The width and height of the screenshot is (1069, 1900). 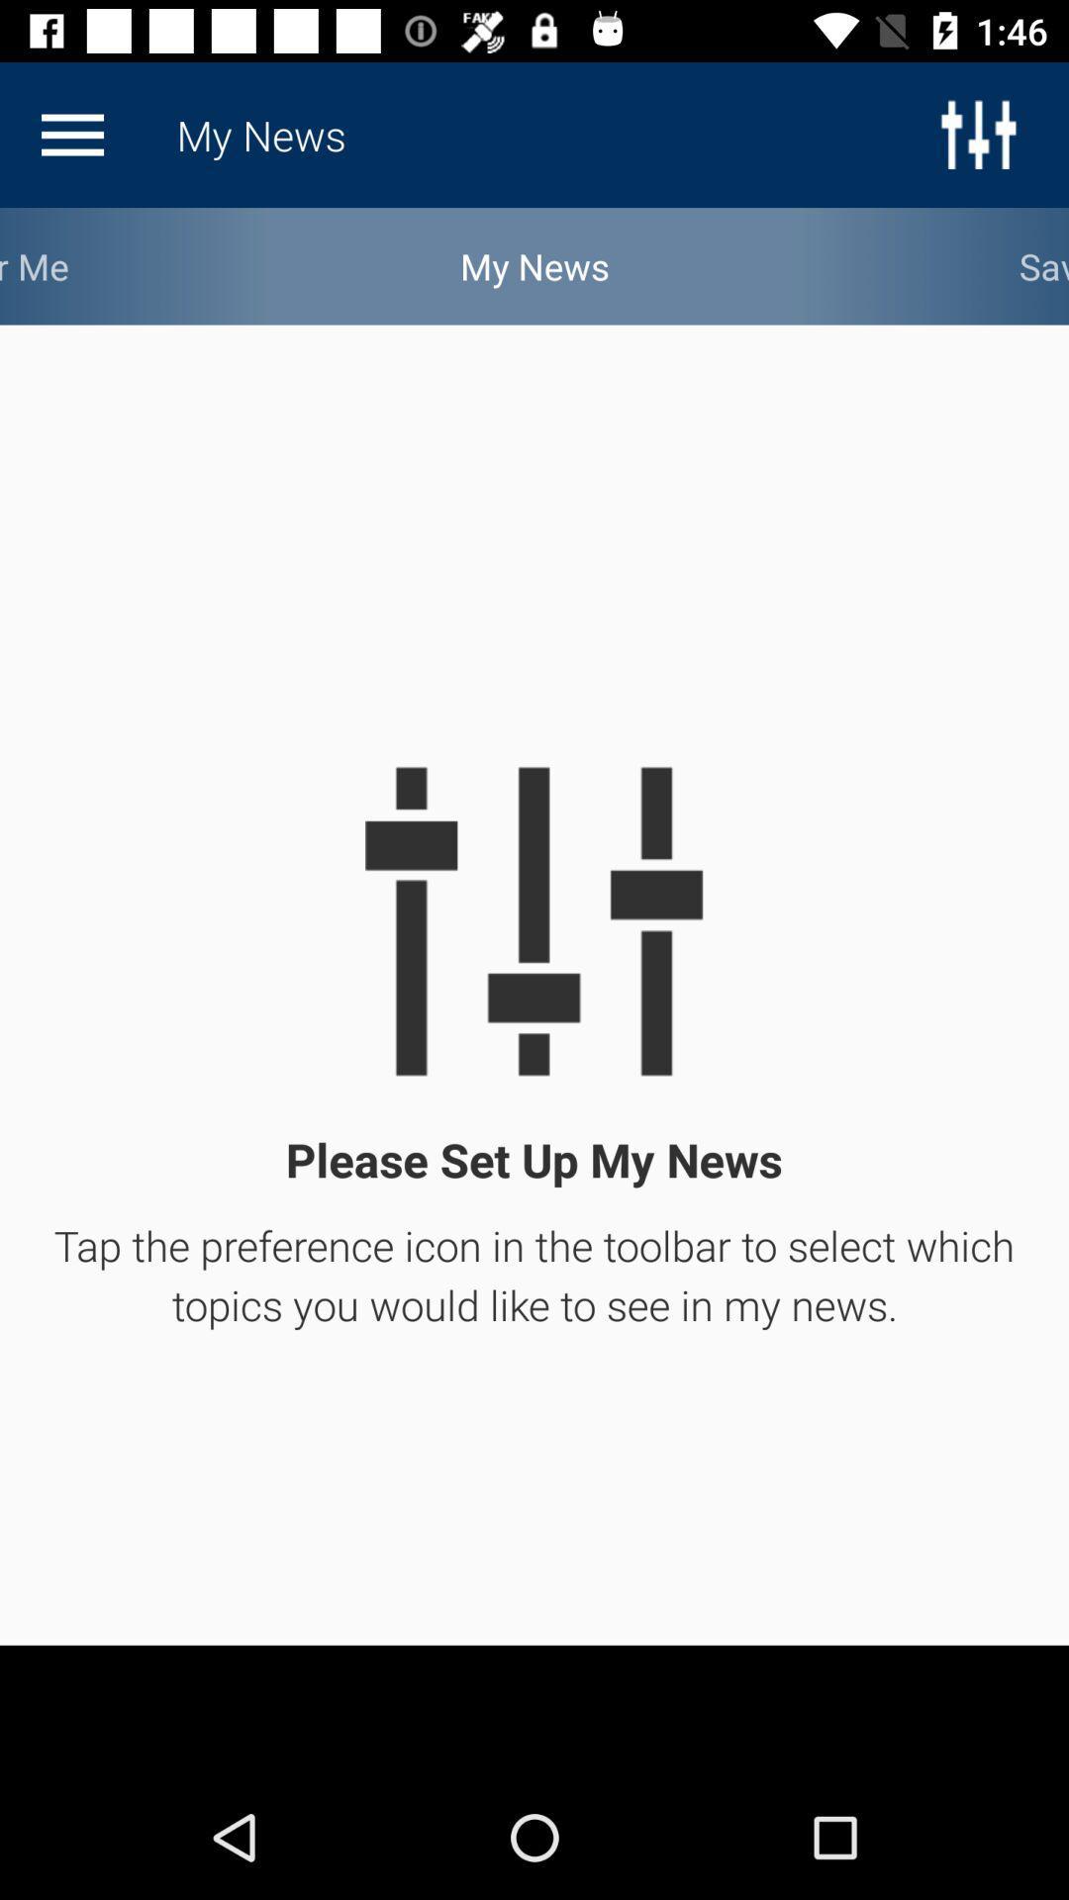 What do you see at coordinates (71, 134) in the screenshot?
I see `settings` at bounding box center [71, 134].